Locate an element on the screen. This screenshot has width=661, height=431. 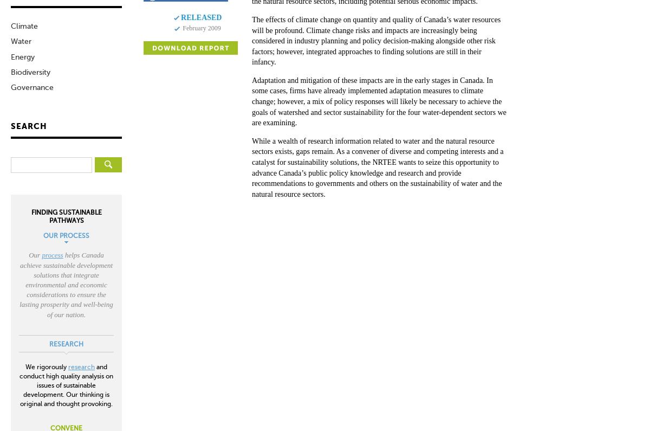
'Climate' is located at coordinates (11, 26).